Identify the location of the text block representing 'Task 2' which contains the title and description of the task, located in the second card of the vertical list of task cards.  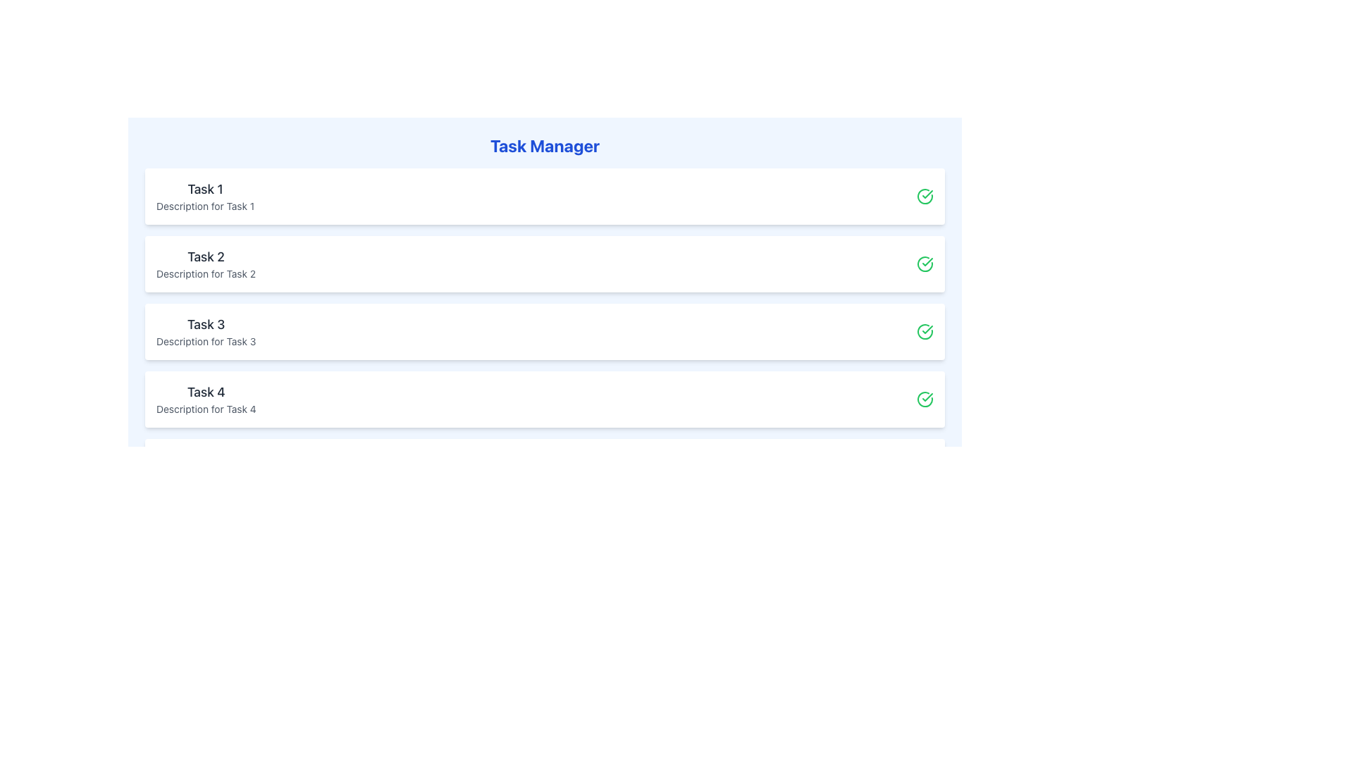
(205, 264).